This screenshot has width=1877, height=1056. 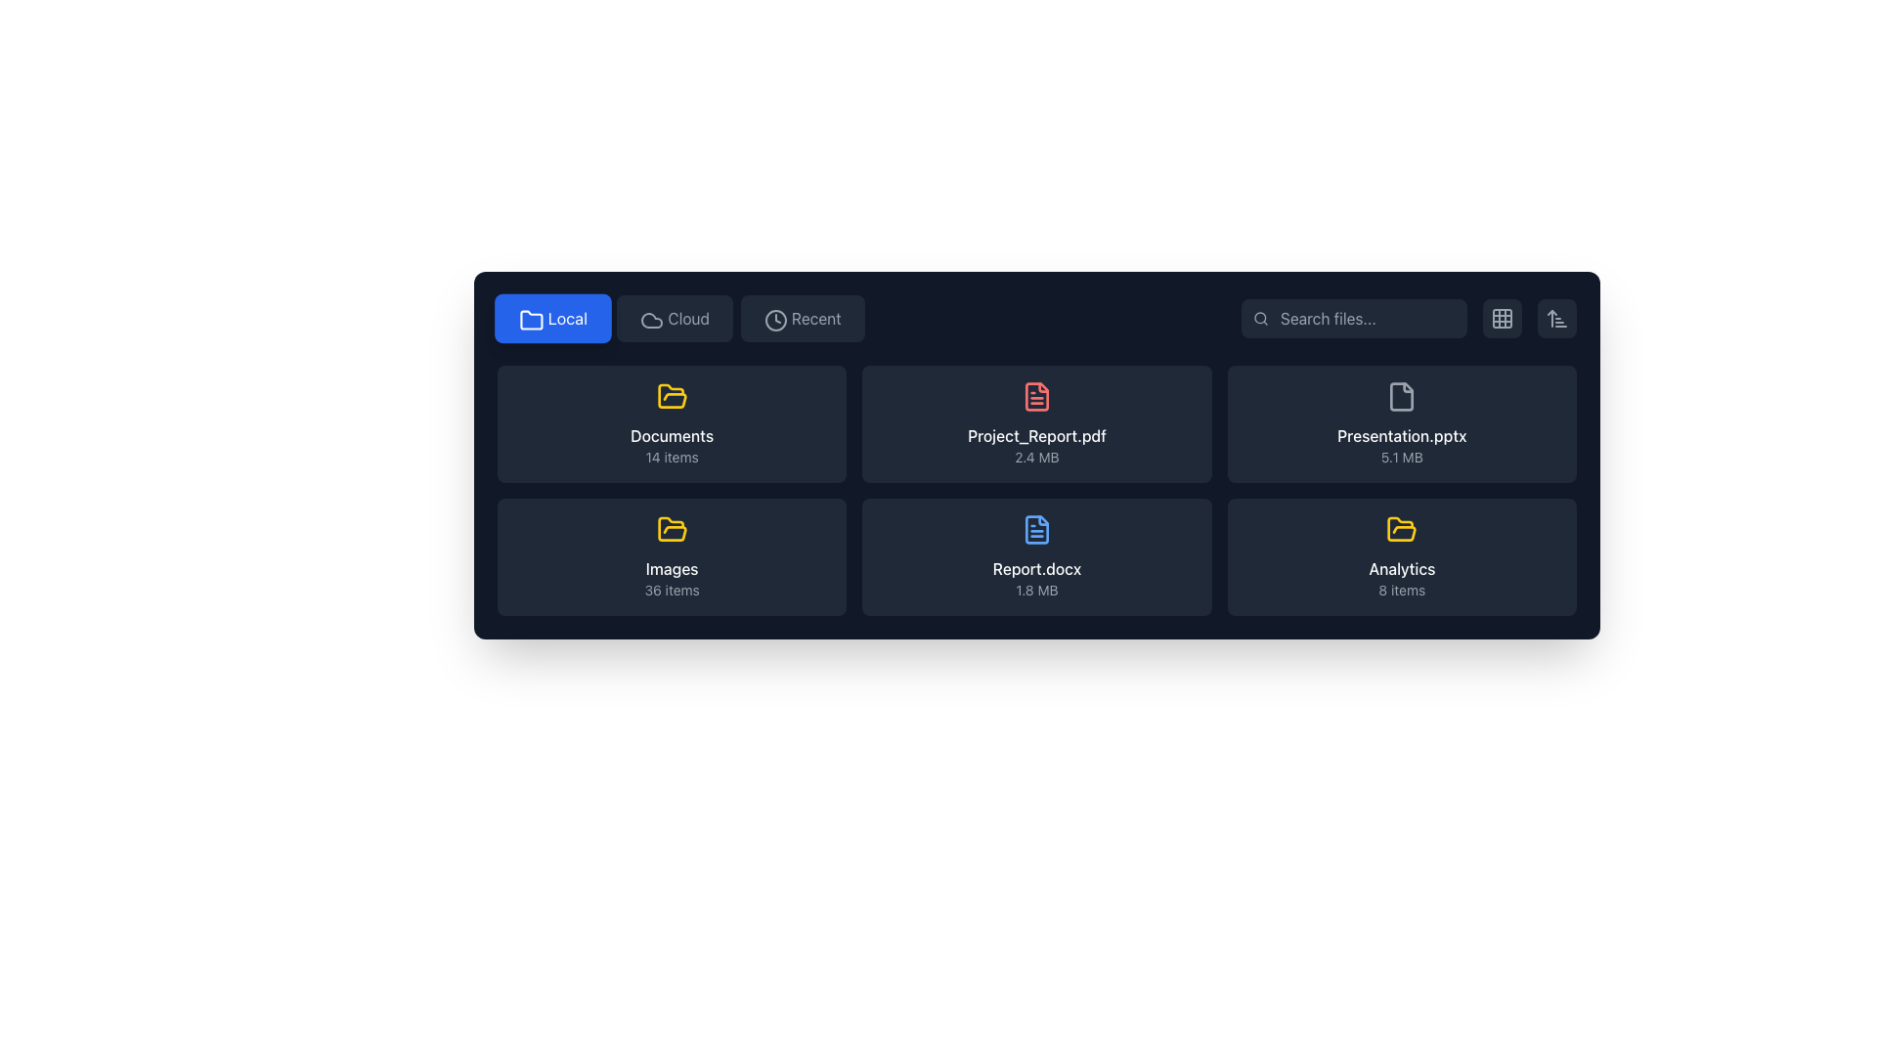 I want to click on the file representation item titled 'Report.docx', so click(x=1035, y=557).